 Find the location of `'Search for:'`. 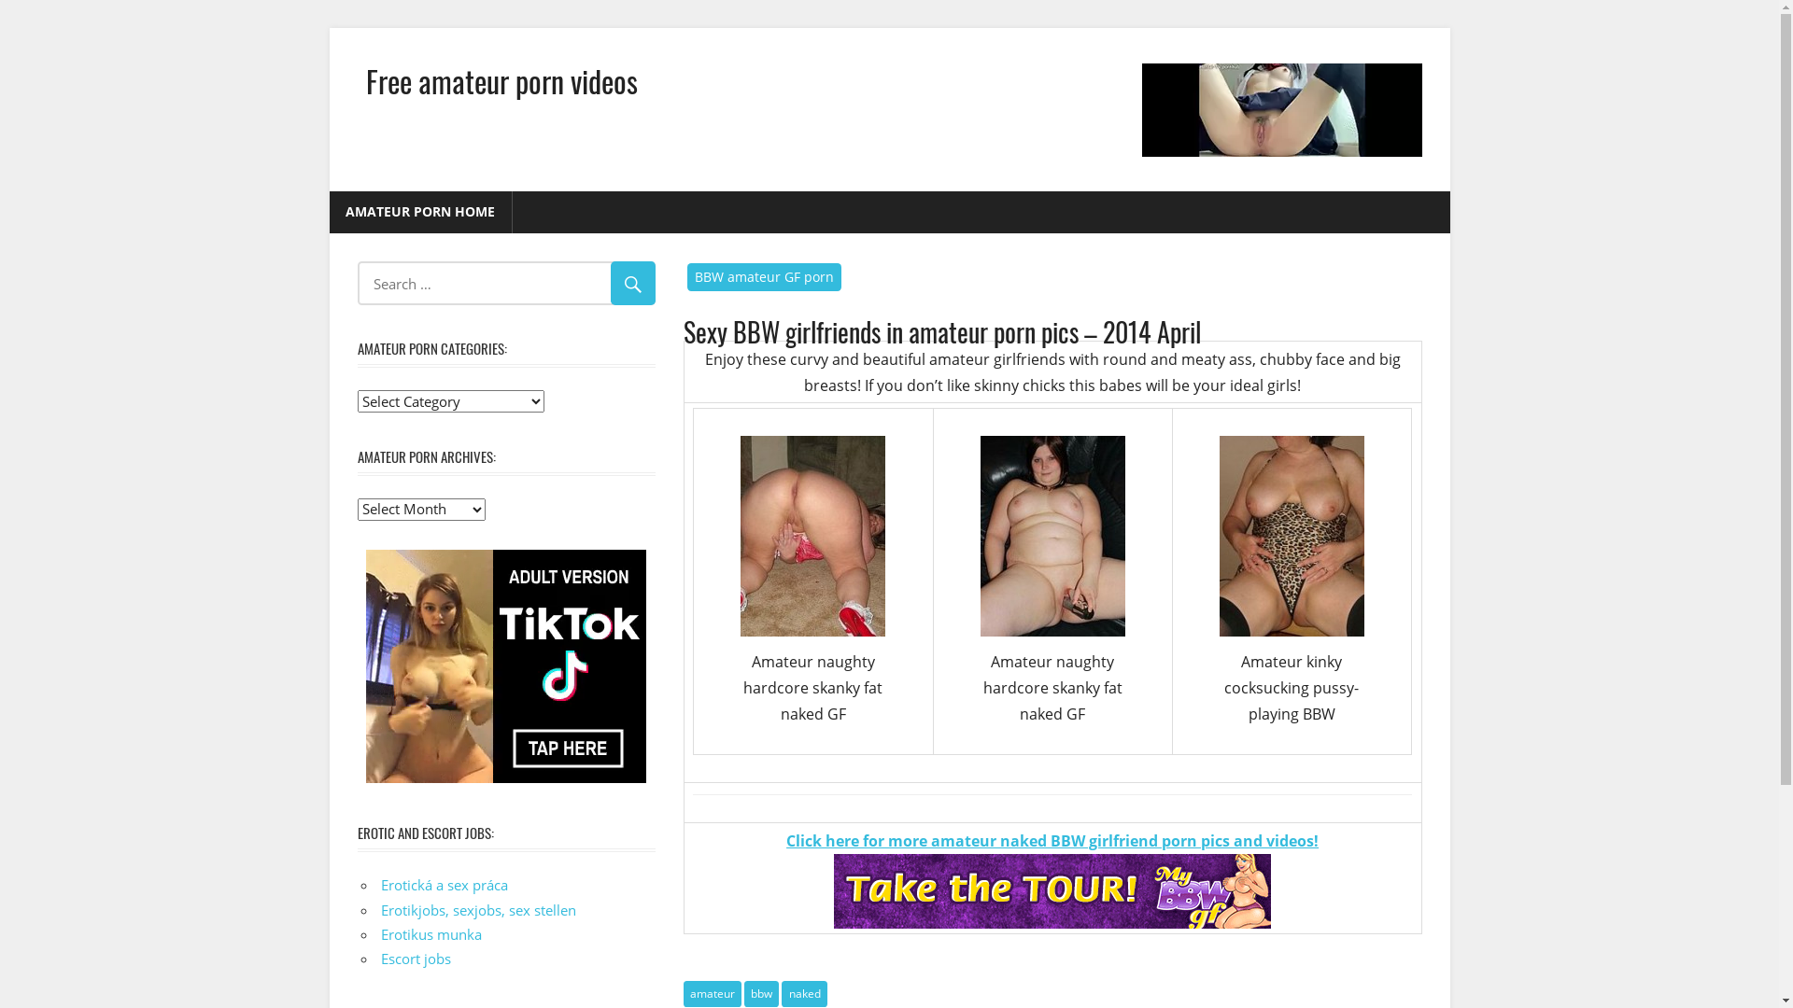

'Search for:' is located at coordinates (505, 283).